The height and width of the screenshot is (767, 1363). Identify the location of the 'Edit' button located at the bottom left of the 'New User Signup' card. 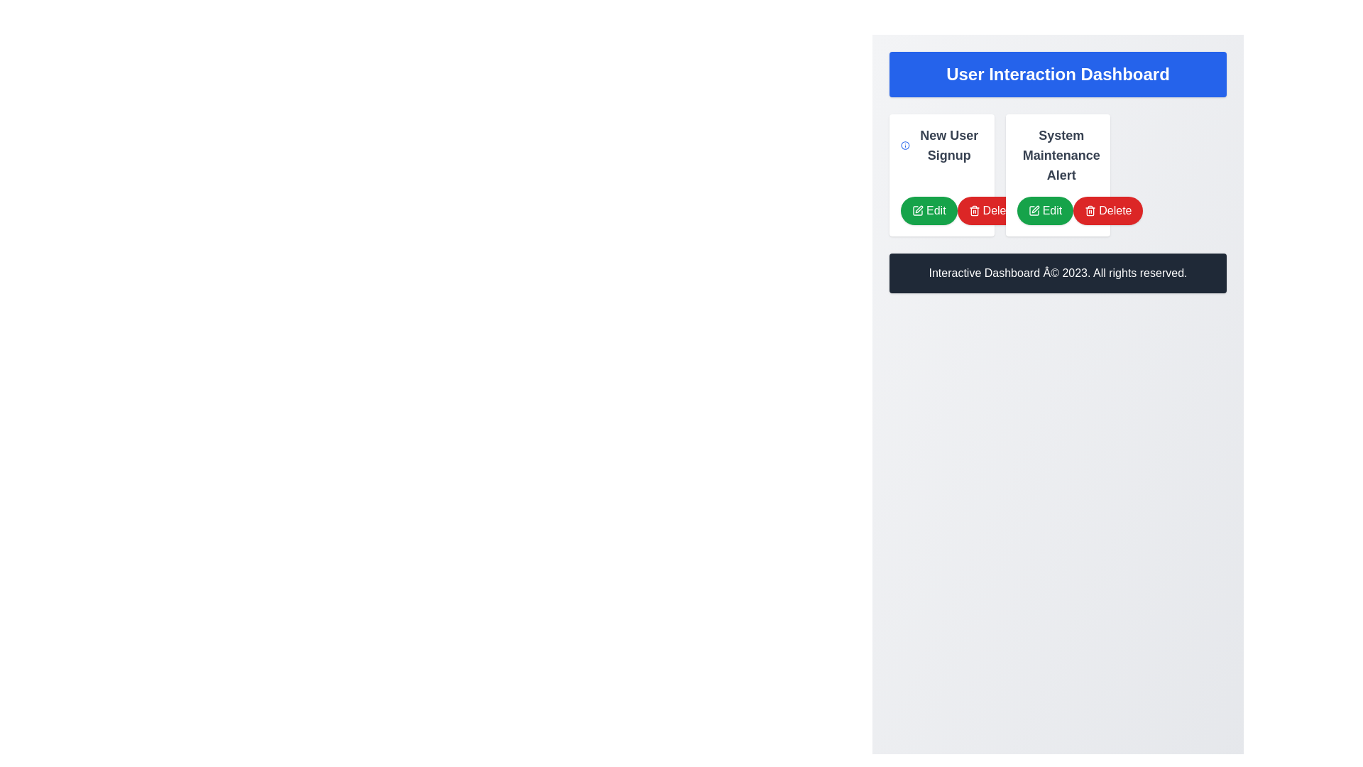
(929, 211).